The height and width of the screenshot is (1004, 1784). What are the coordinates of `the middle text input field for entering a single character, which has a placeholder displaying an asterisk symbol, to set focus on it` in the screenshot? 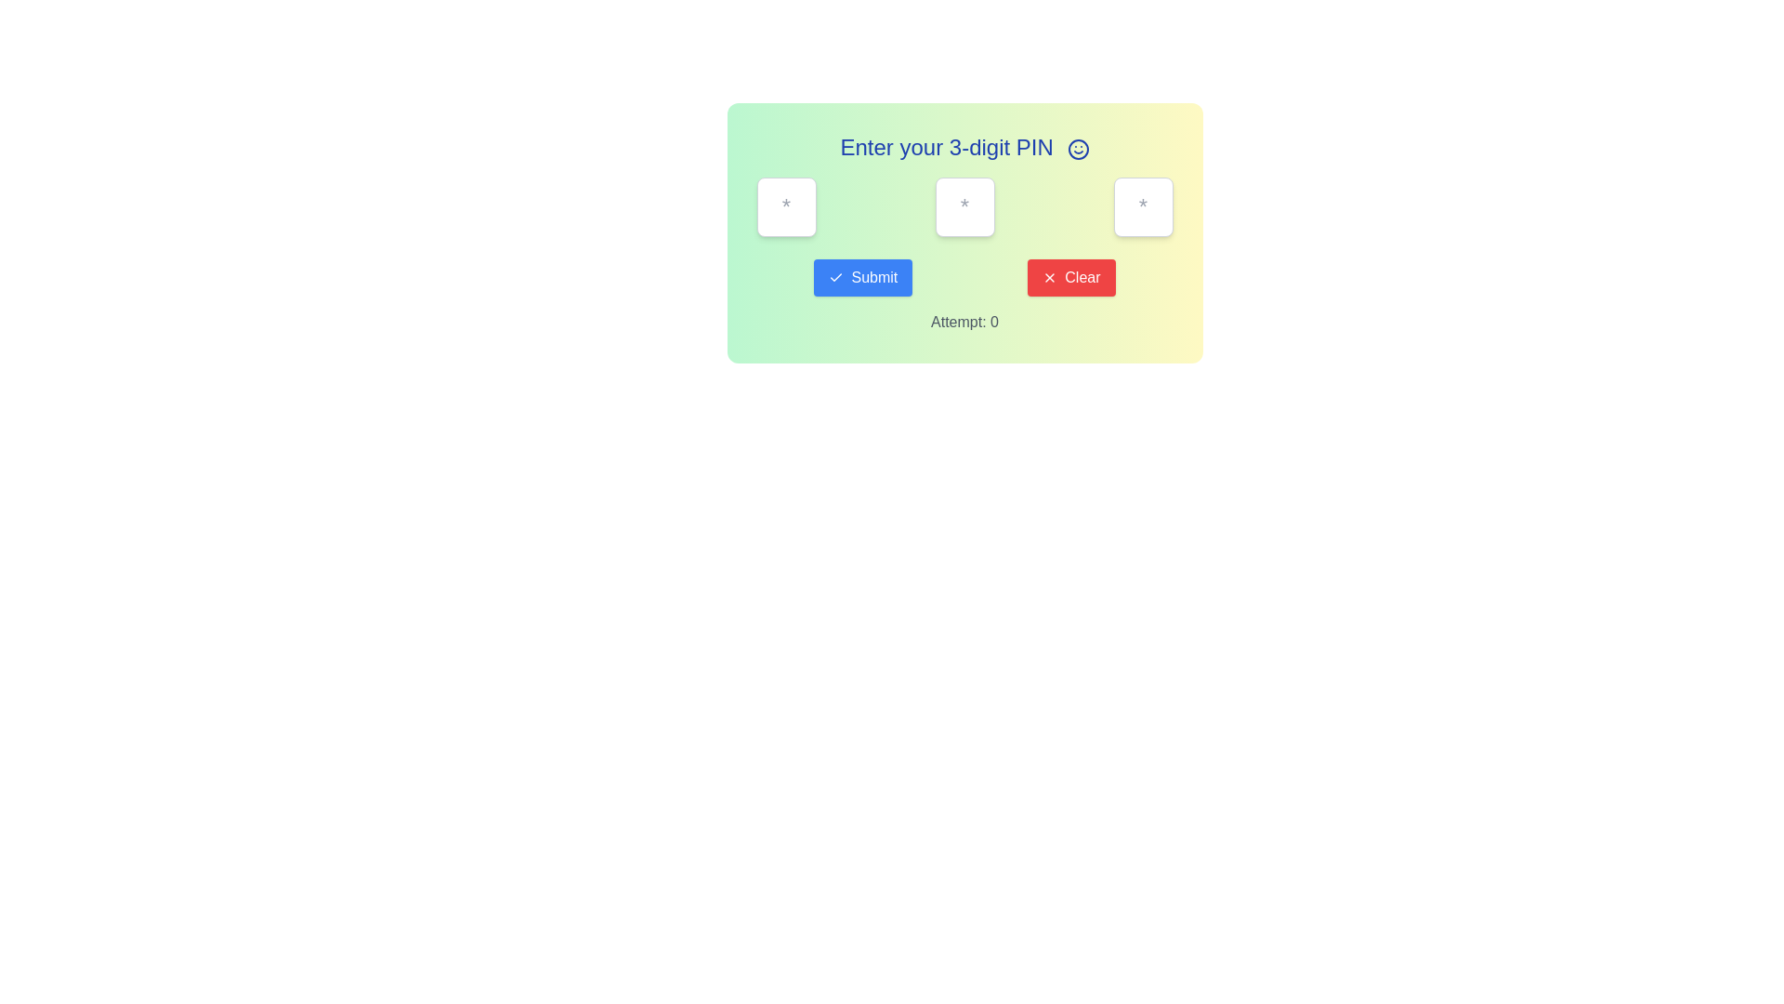 It's located at (964, 231).